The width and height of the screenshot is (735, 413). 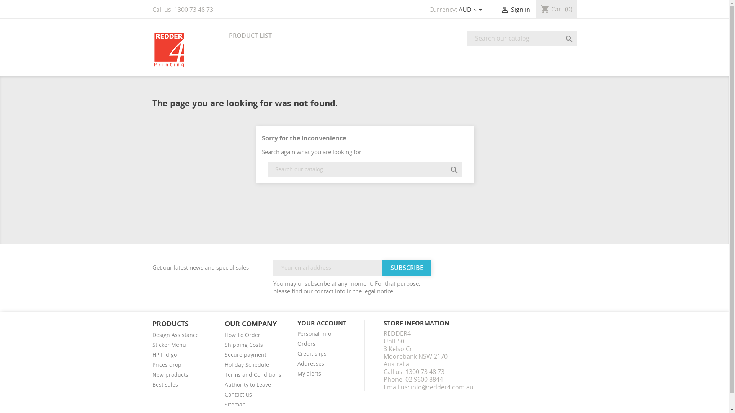 What do you see at coordinates (250, 36) in the screenshot?
I see `'PRODUCT LIST'` at bounding box center [250, 36].